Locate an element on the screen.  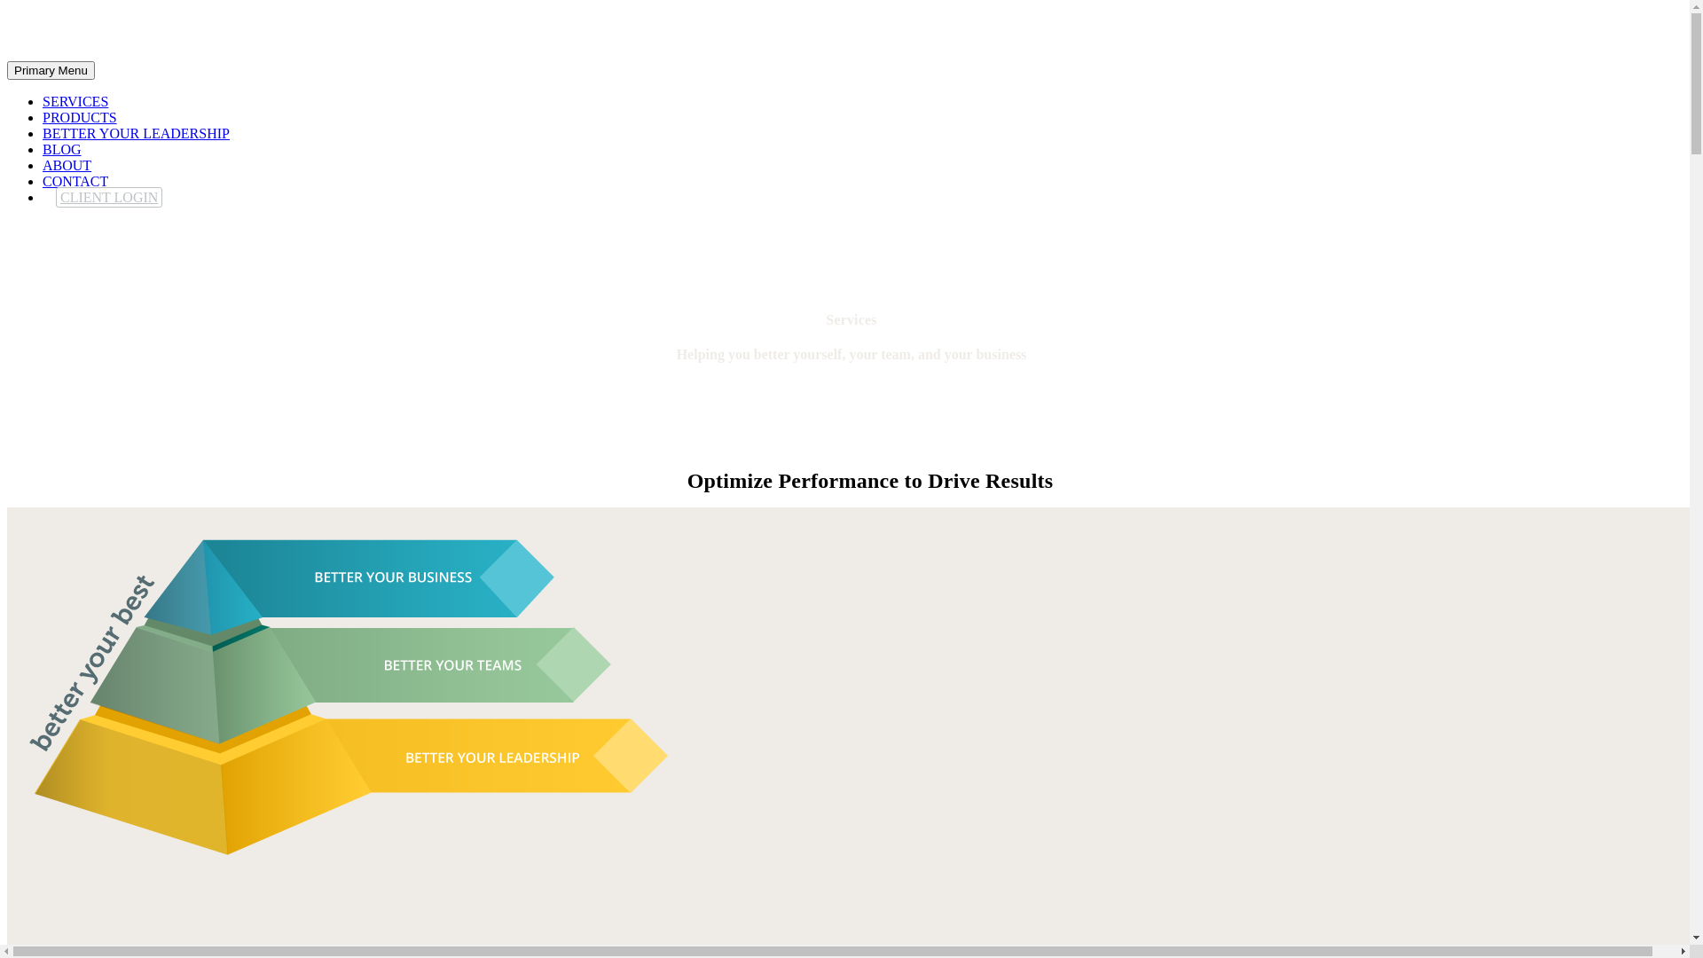
'CLIENT LOGIN' is located at coordinates (108, 197).